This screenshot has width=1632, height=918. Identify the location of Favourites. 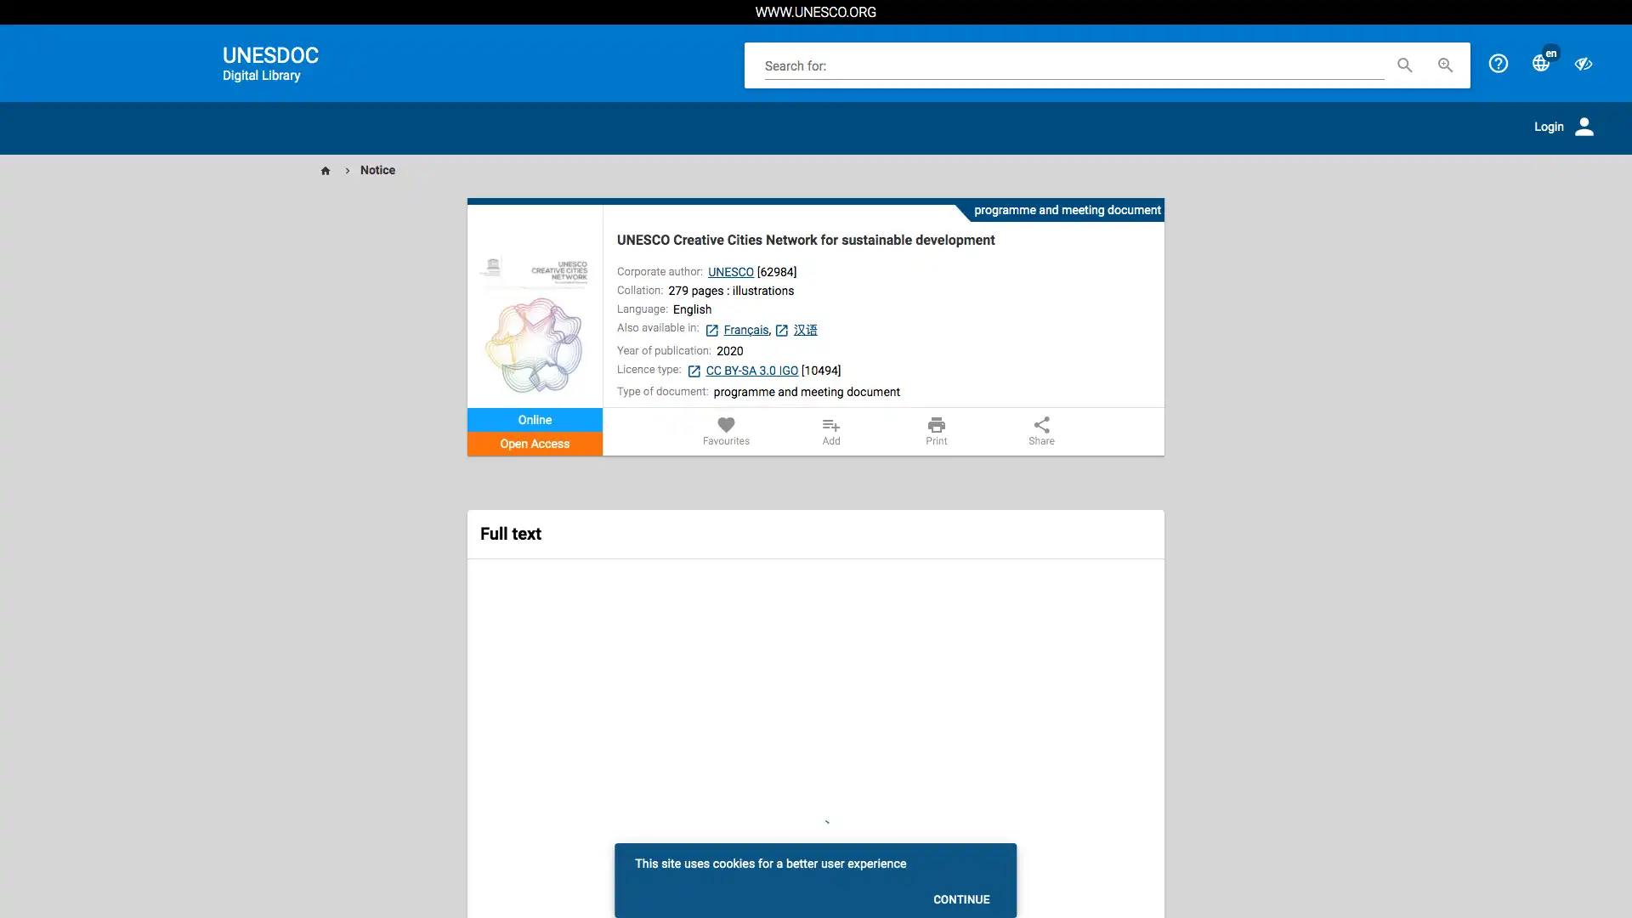
(726, 431).